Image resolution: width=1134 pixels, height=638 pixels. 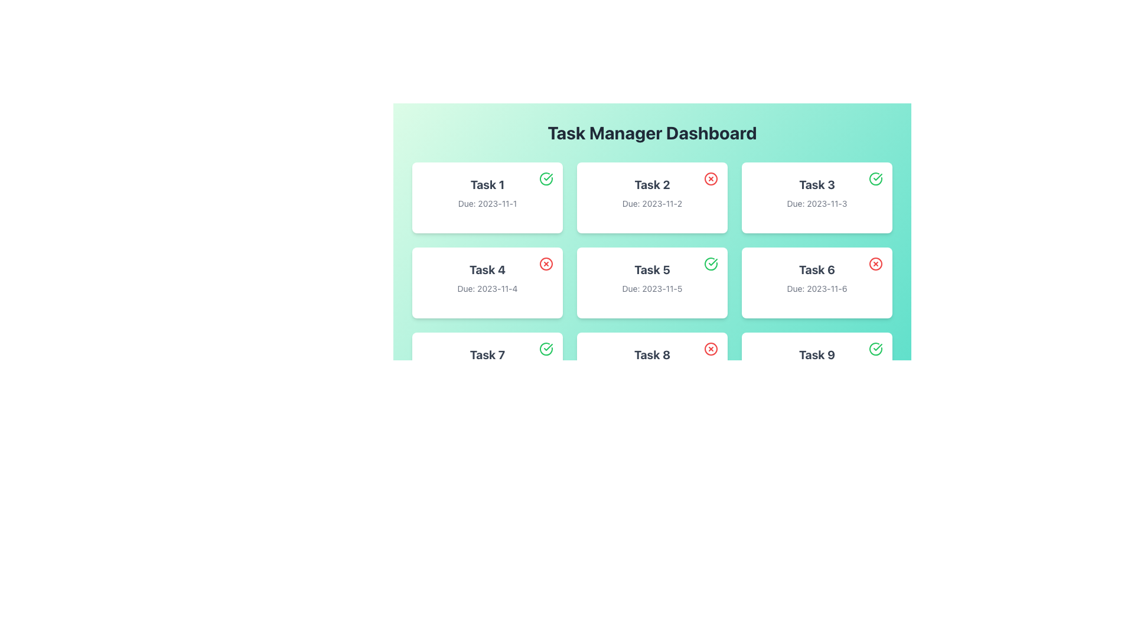 What do you see at coordinates (816, 203) in the screenshot?
I see `the label displaying 'Due: 2023-11-3', which is styled in a small-sized, gray-colored font and located beneath the 'Task 3' title in the task card` at bounding box center [816, 203].